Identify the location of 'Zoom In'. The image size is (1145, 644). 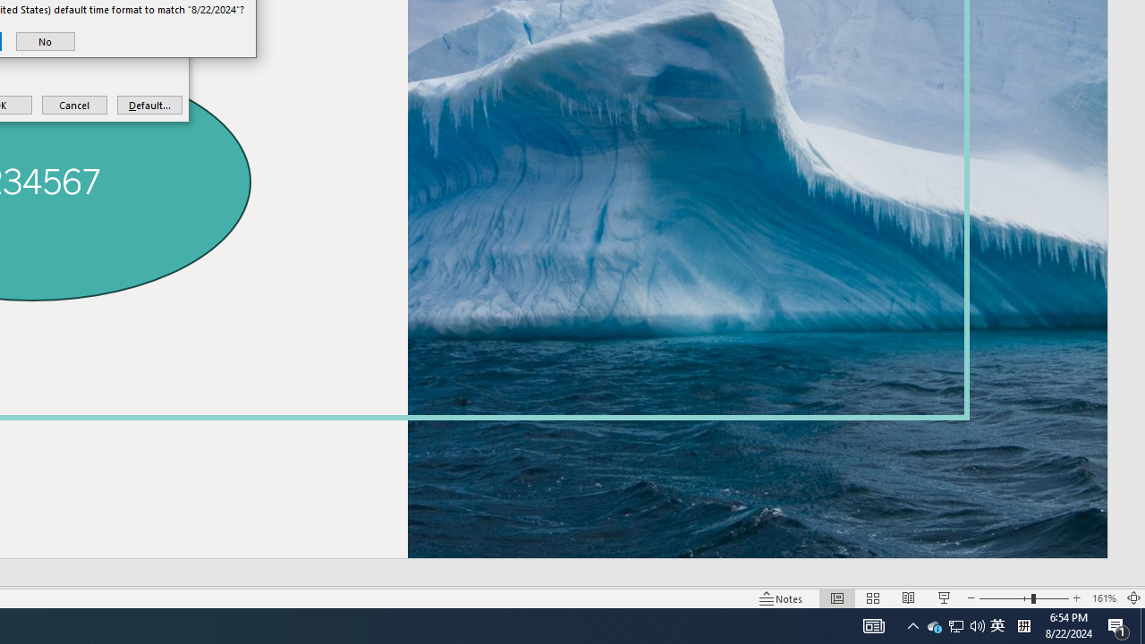
(1076, 598).